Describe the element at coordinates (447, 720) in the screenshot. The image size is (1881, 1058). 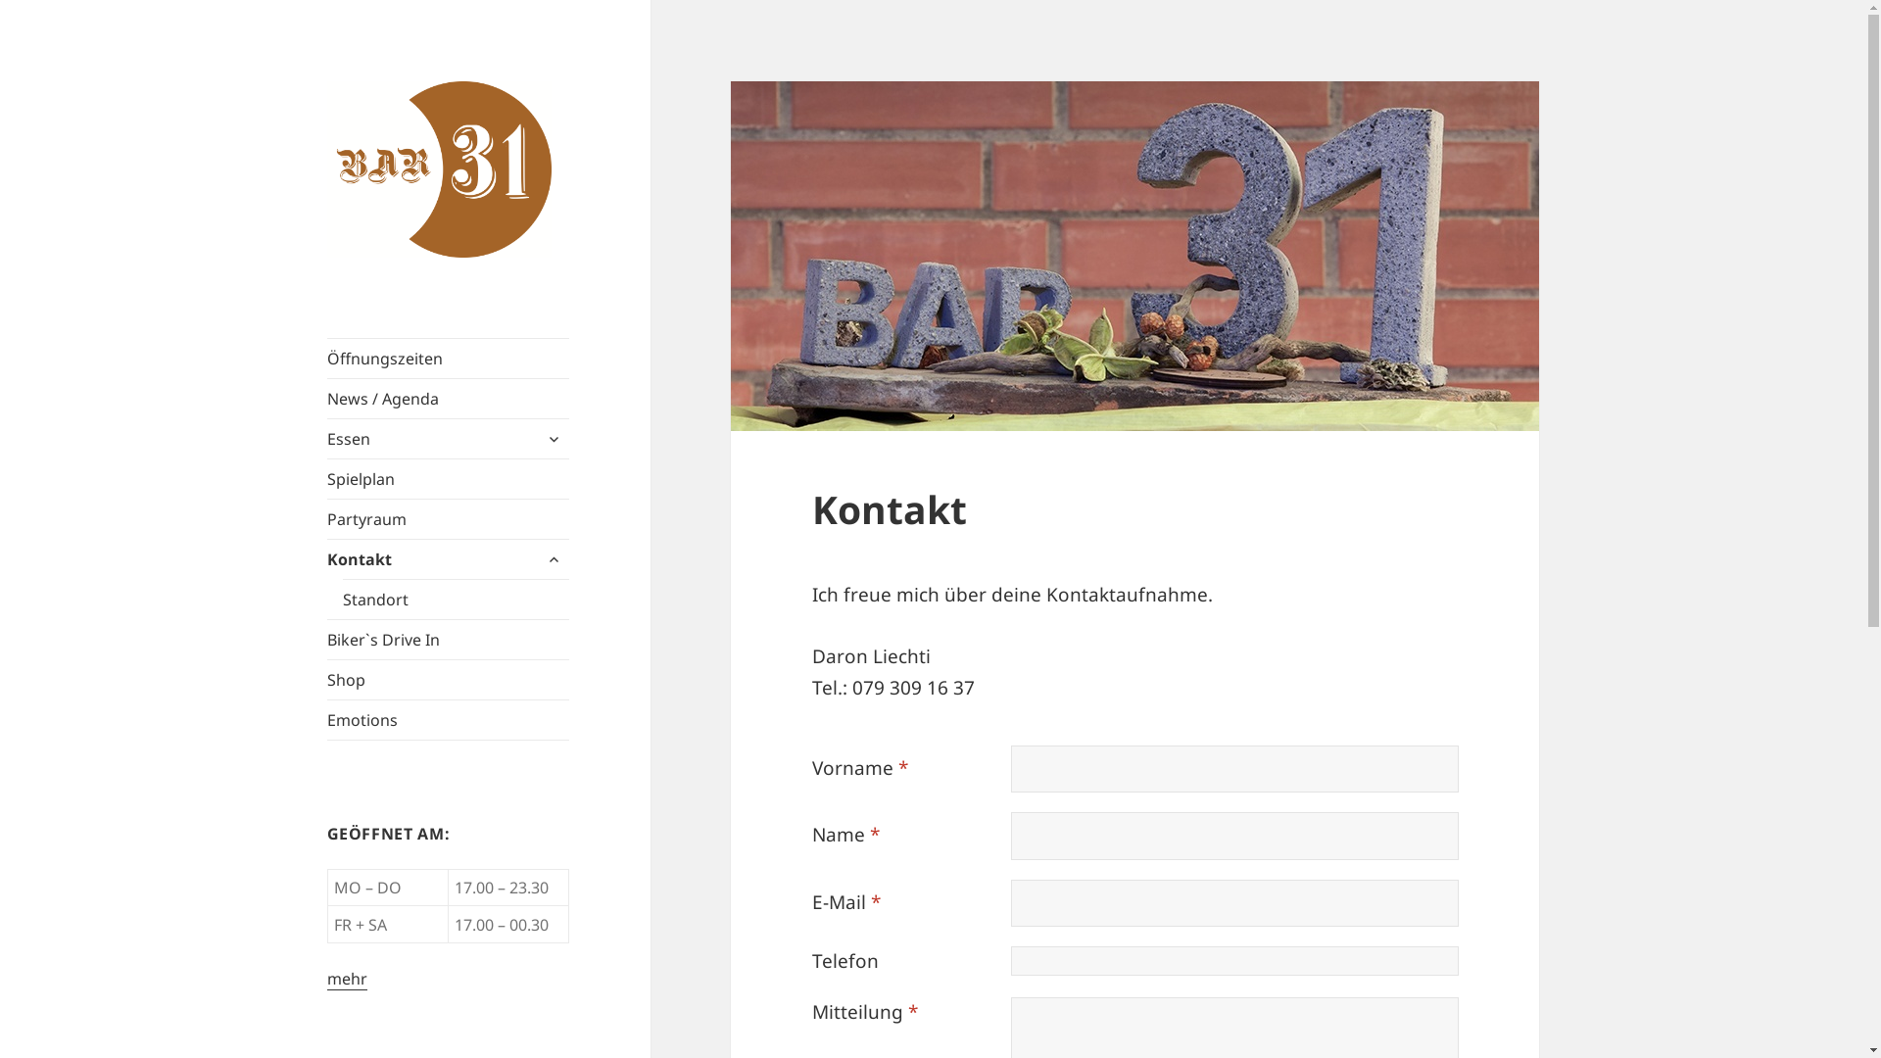
I see `'Emotions'` at that location.